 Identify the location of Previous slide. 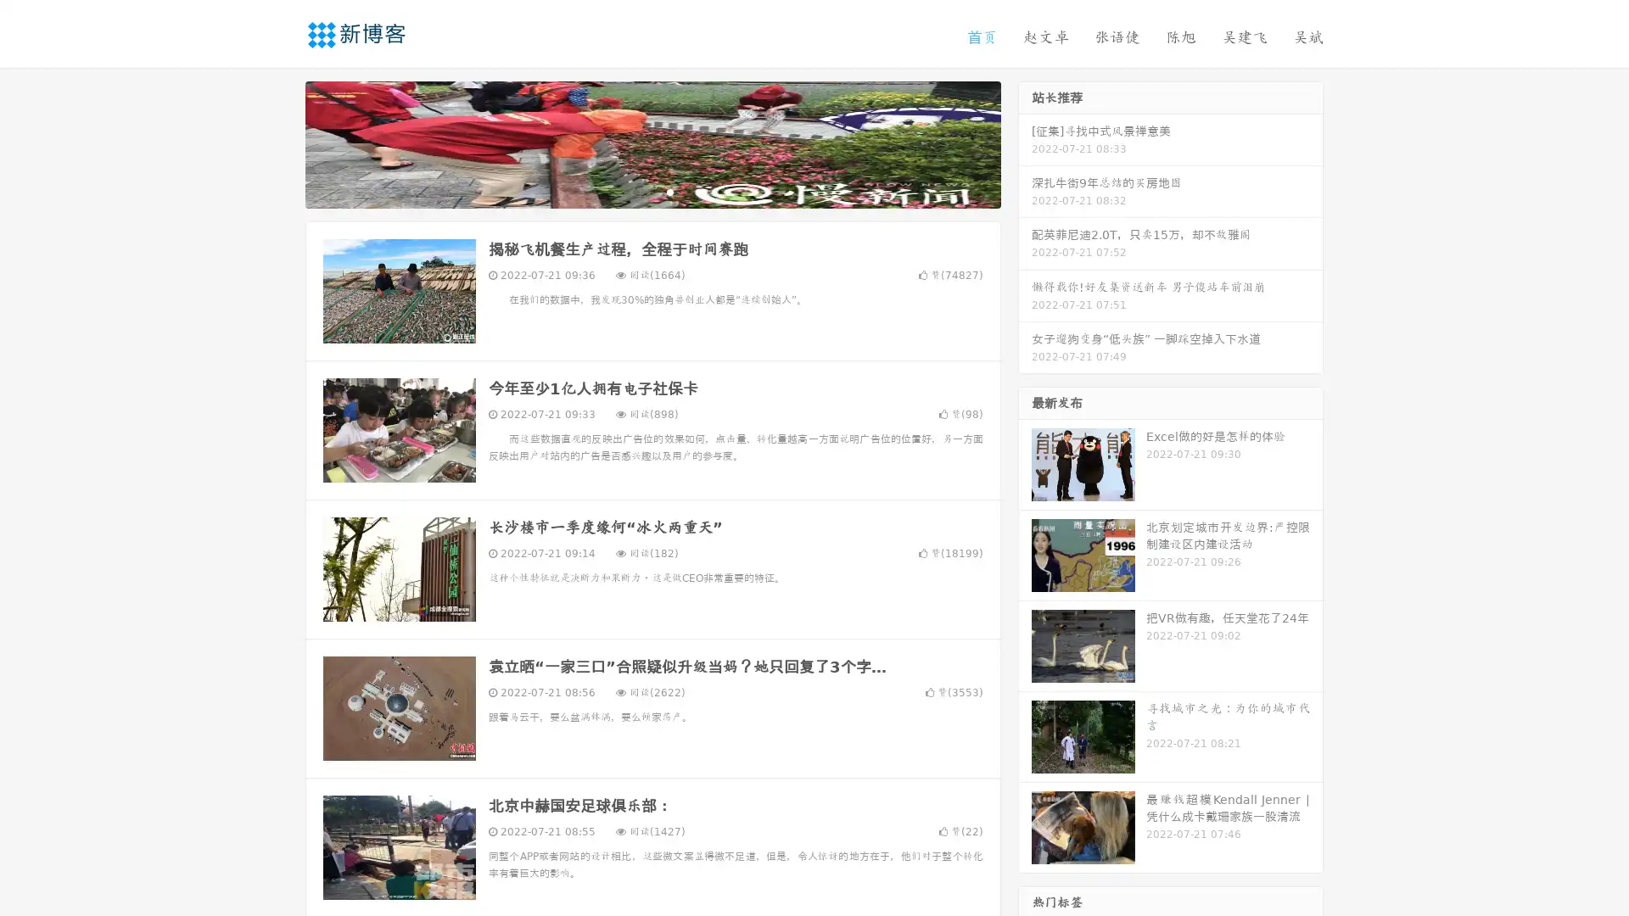
(280, 142).